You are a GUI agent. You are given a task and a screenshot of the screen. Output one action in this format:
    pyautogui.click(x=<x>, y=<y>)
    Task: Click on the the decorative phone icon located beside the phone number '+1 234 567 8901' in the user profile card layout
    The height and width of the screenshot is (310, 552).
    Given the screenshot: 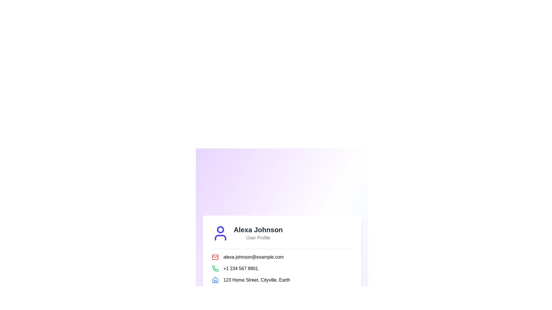 What is the action you would take?
    pyautogui.click(x=215, y=268)
    